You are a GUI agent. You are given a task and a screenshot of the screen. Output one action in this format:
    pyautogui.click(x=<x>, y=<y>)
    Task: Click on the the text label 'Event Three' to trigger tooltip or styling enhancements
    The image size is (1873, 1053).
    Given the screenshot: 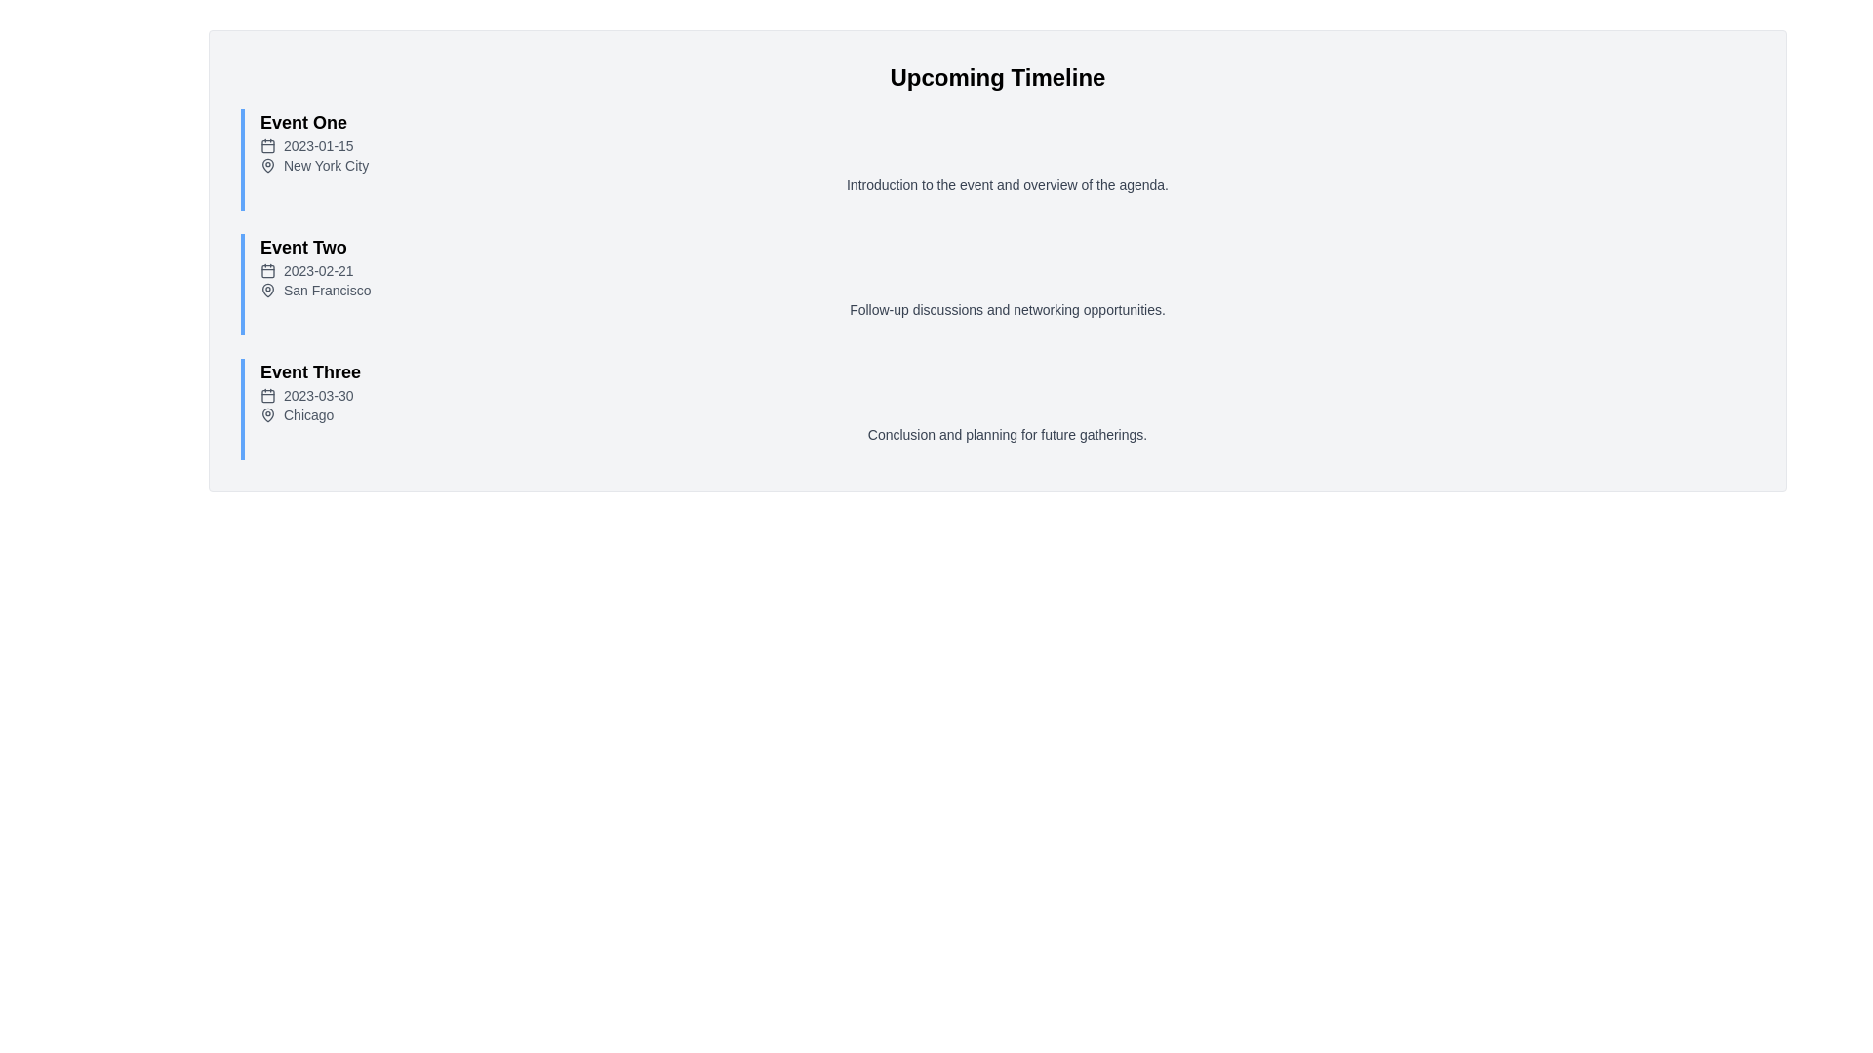 What is the action you would take?
    pyautogui.click(x=309, y=371)
    